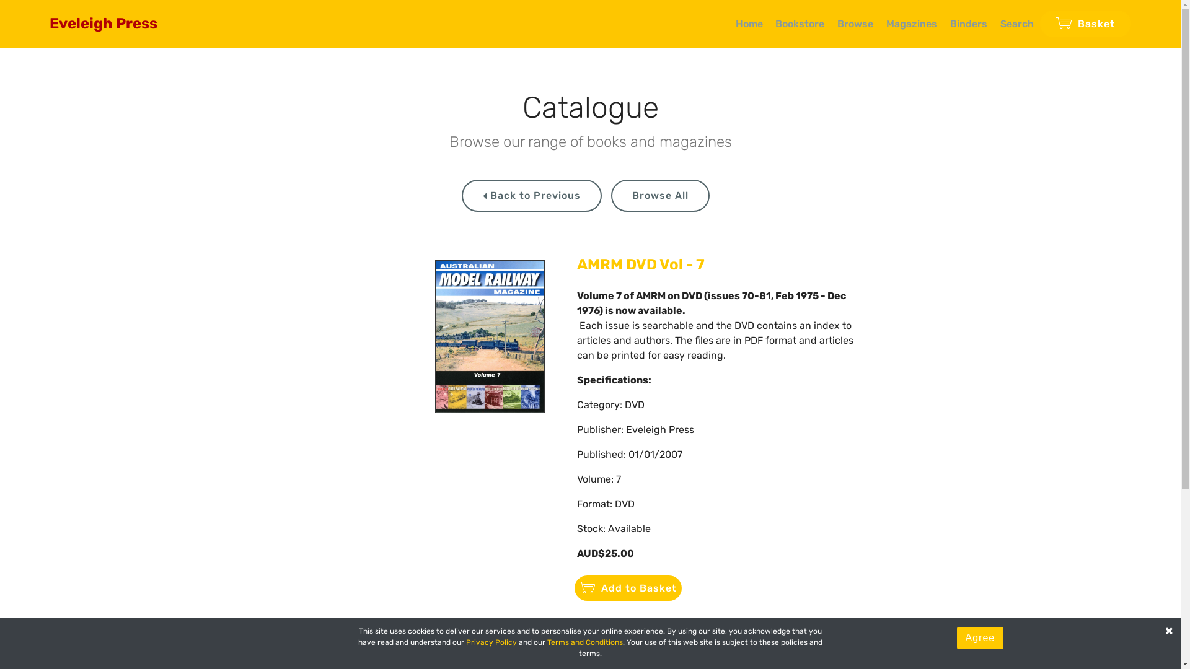  What do you see at coordinates (1040, 24) in the screenshot?
I see `'Basket'` at bounding box center [1040, 24].